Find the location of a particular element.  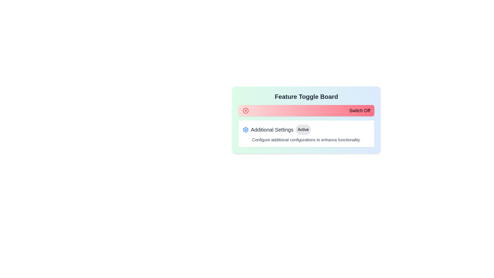

the button located in the 'Additional Settings' section of the 'Feature Toggle Board' is located at coordinates (303, 129).